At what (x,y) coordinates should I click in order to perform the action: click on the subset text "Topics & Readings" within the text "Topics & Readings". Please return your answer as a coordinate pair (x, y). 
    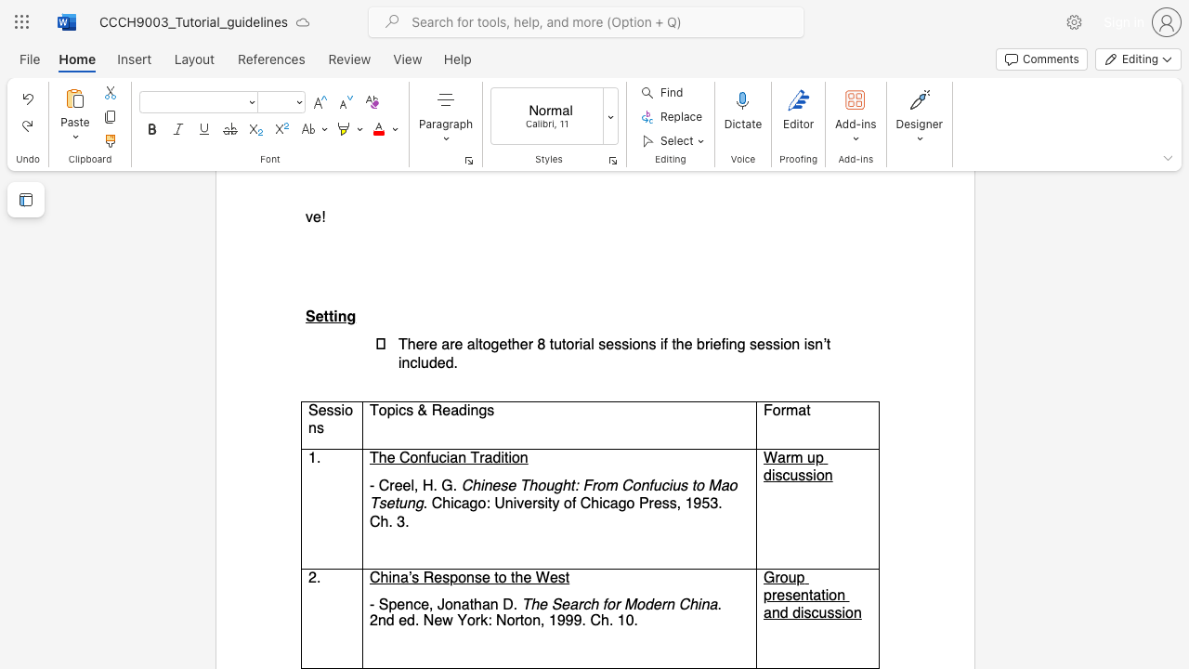
    Looking at the image, I should click on (369, 409).